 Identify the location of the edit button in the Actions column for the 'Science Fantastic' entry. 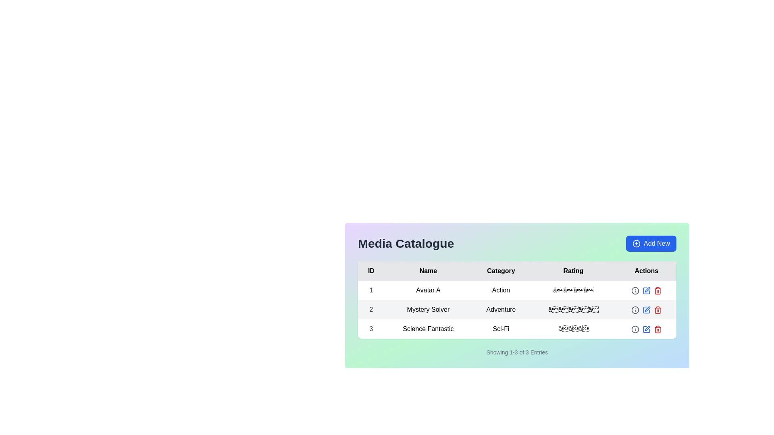
(646, 329).